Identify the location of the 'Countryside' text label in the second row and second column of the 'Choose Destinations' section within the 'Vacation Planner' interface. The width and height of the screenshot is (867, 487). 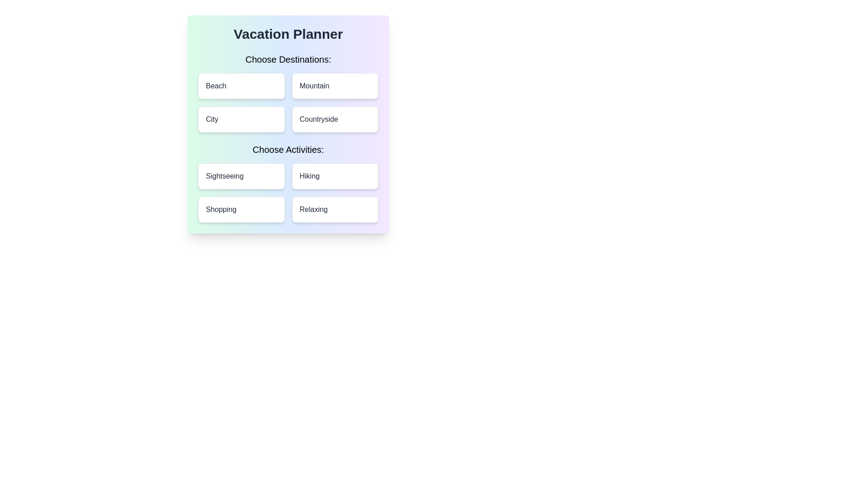
(319, 119).